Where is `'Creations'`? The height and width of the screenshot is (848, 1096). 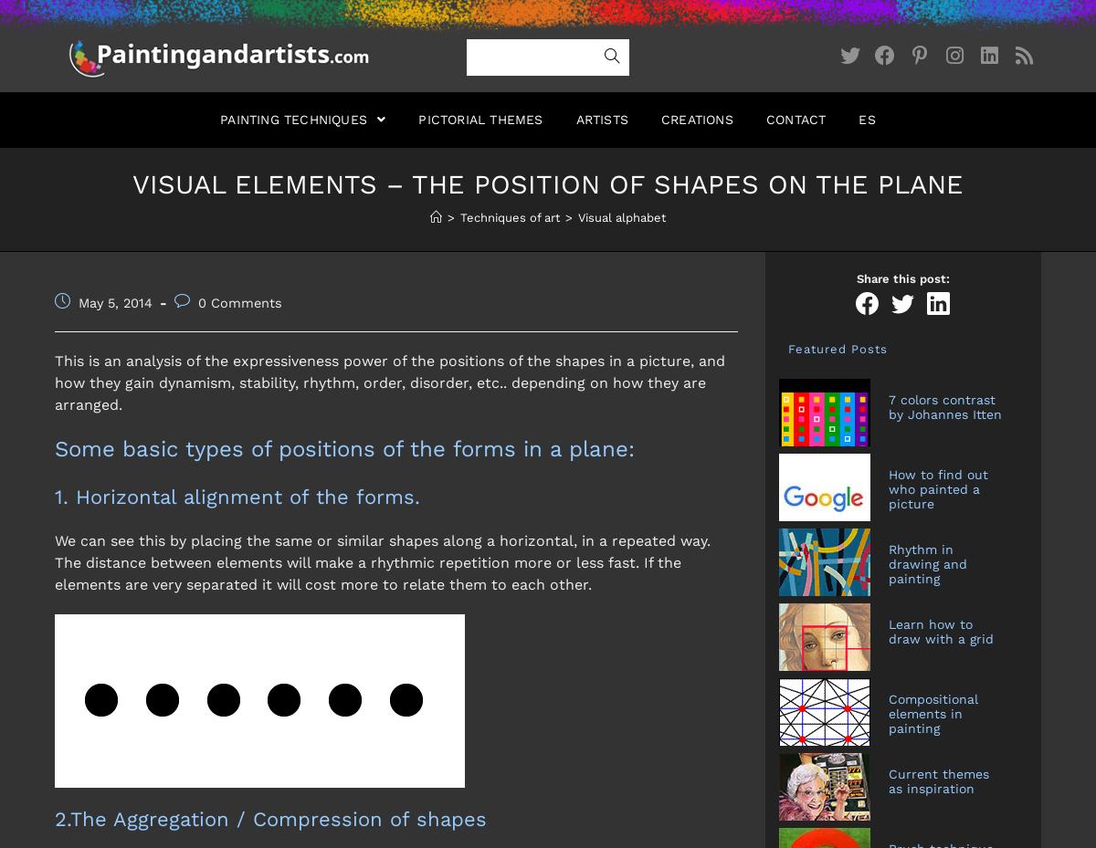
'Creations' is located at coordinates (695, 119).